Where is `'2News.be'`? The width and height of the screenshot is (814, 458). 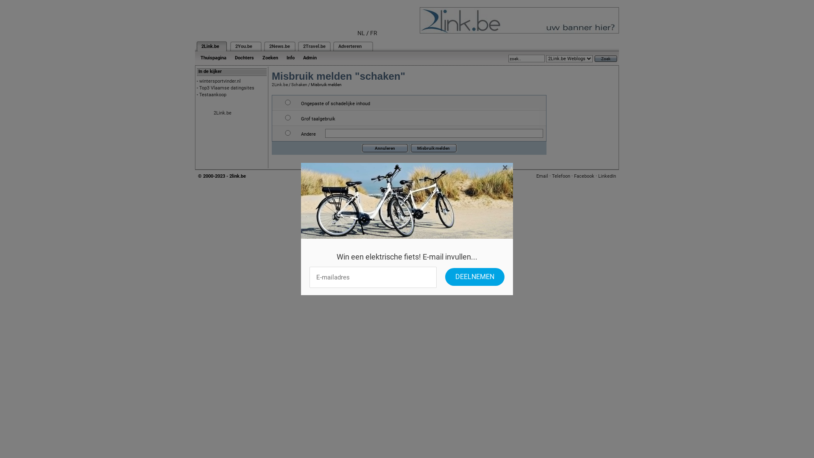
'2News.be' is located at coordinates (279, 46).